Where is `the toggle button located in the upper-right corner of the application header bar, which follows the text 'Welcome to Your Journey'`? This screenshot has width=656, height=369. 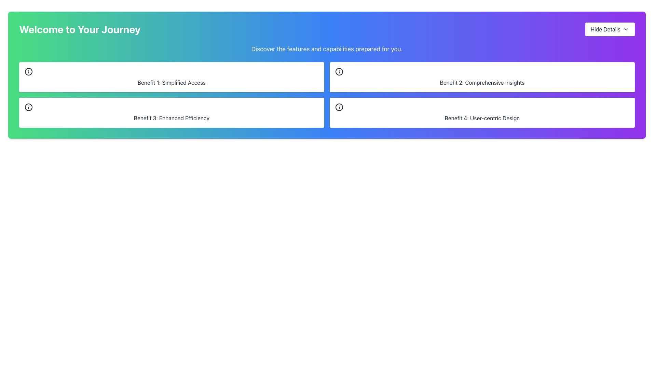
the toggle button located in the upper-right corner of the application header bar, which follows the text 'Welcome to Your Journey' is located at coordinates (610, 29).